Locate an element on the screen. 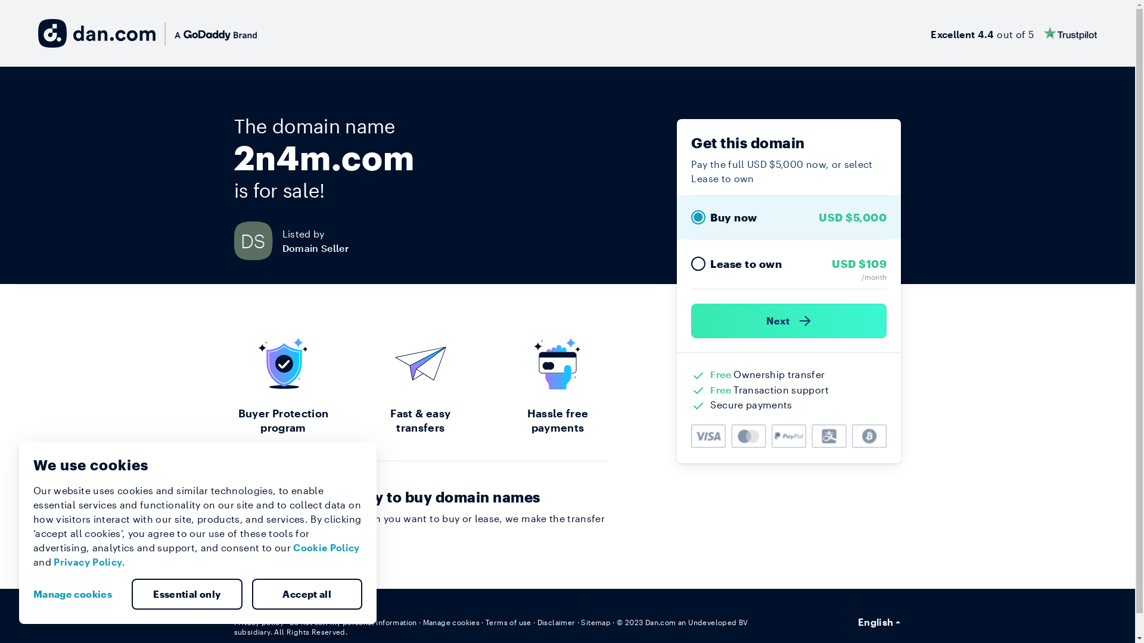 The width and height of the screenshot is (1144, 643). 'Manage cookies' is located at coordinates (76, 594).